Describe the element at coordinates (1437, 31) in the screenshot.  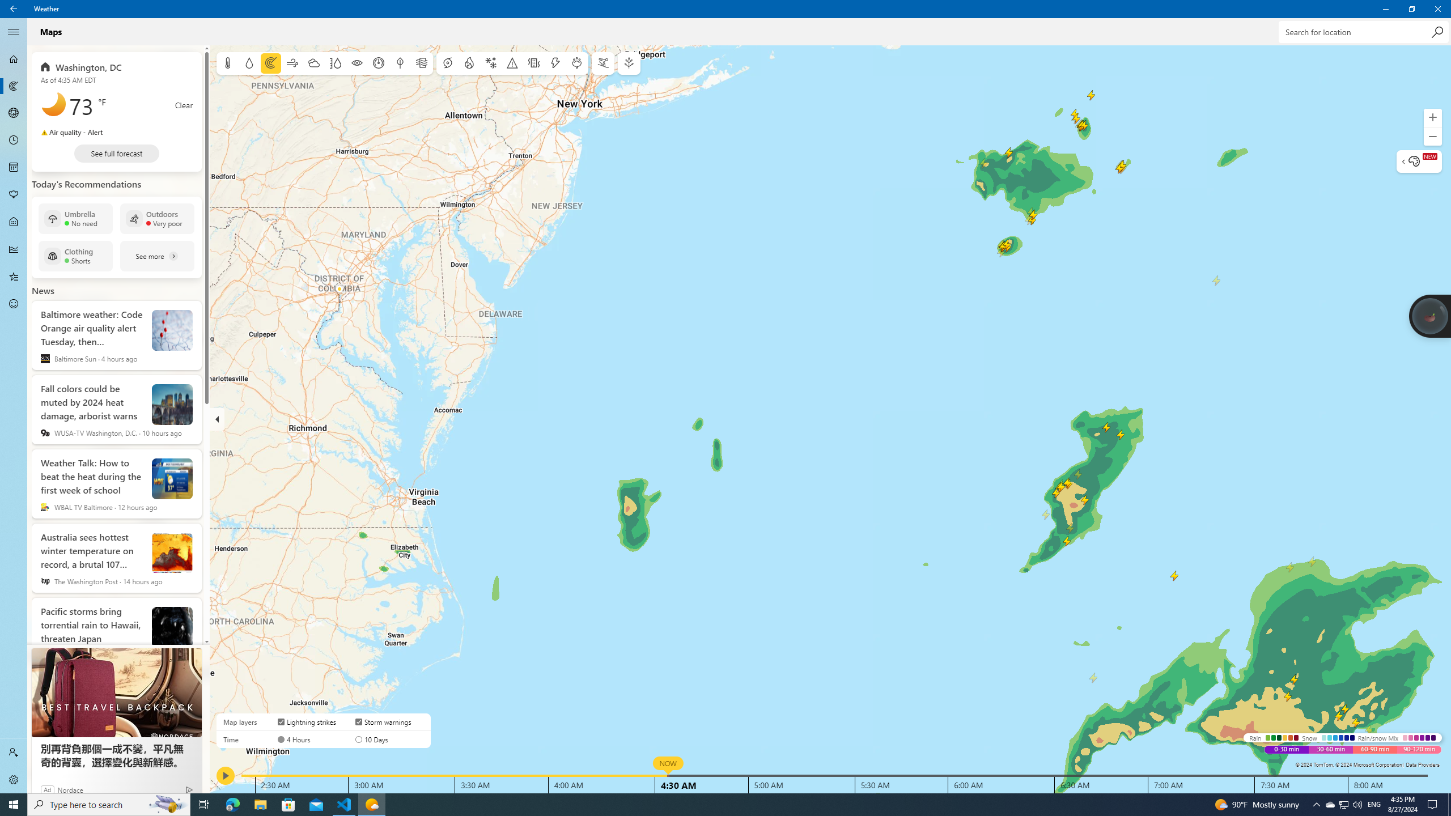
I see `'Search'` at that location.